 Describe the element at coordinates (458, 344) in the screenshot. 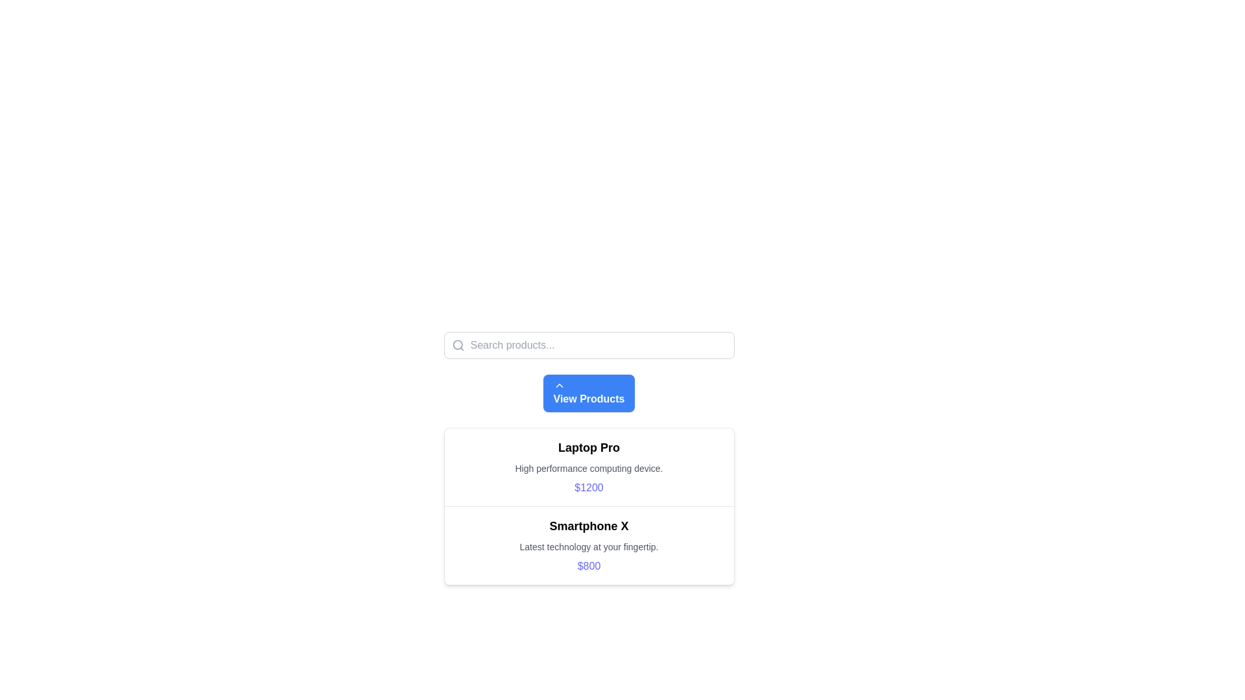

I see `the circular magnifying glass icon, which is styled with a minimalistic black outline and is positioned within the user input field at the top center of the page, serving as a visual cue for the search functionality` at that location.